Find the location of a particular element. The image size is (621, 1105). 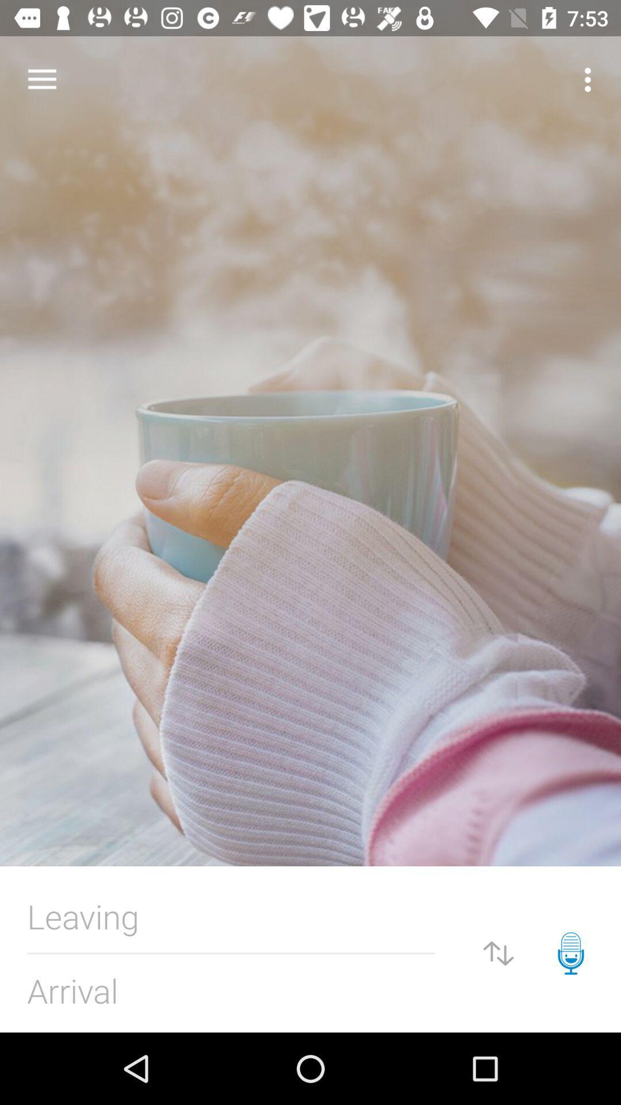

the microphone icon is located at coordinates (570, 953).